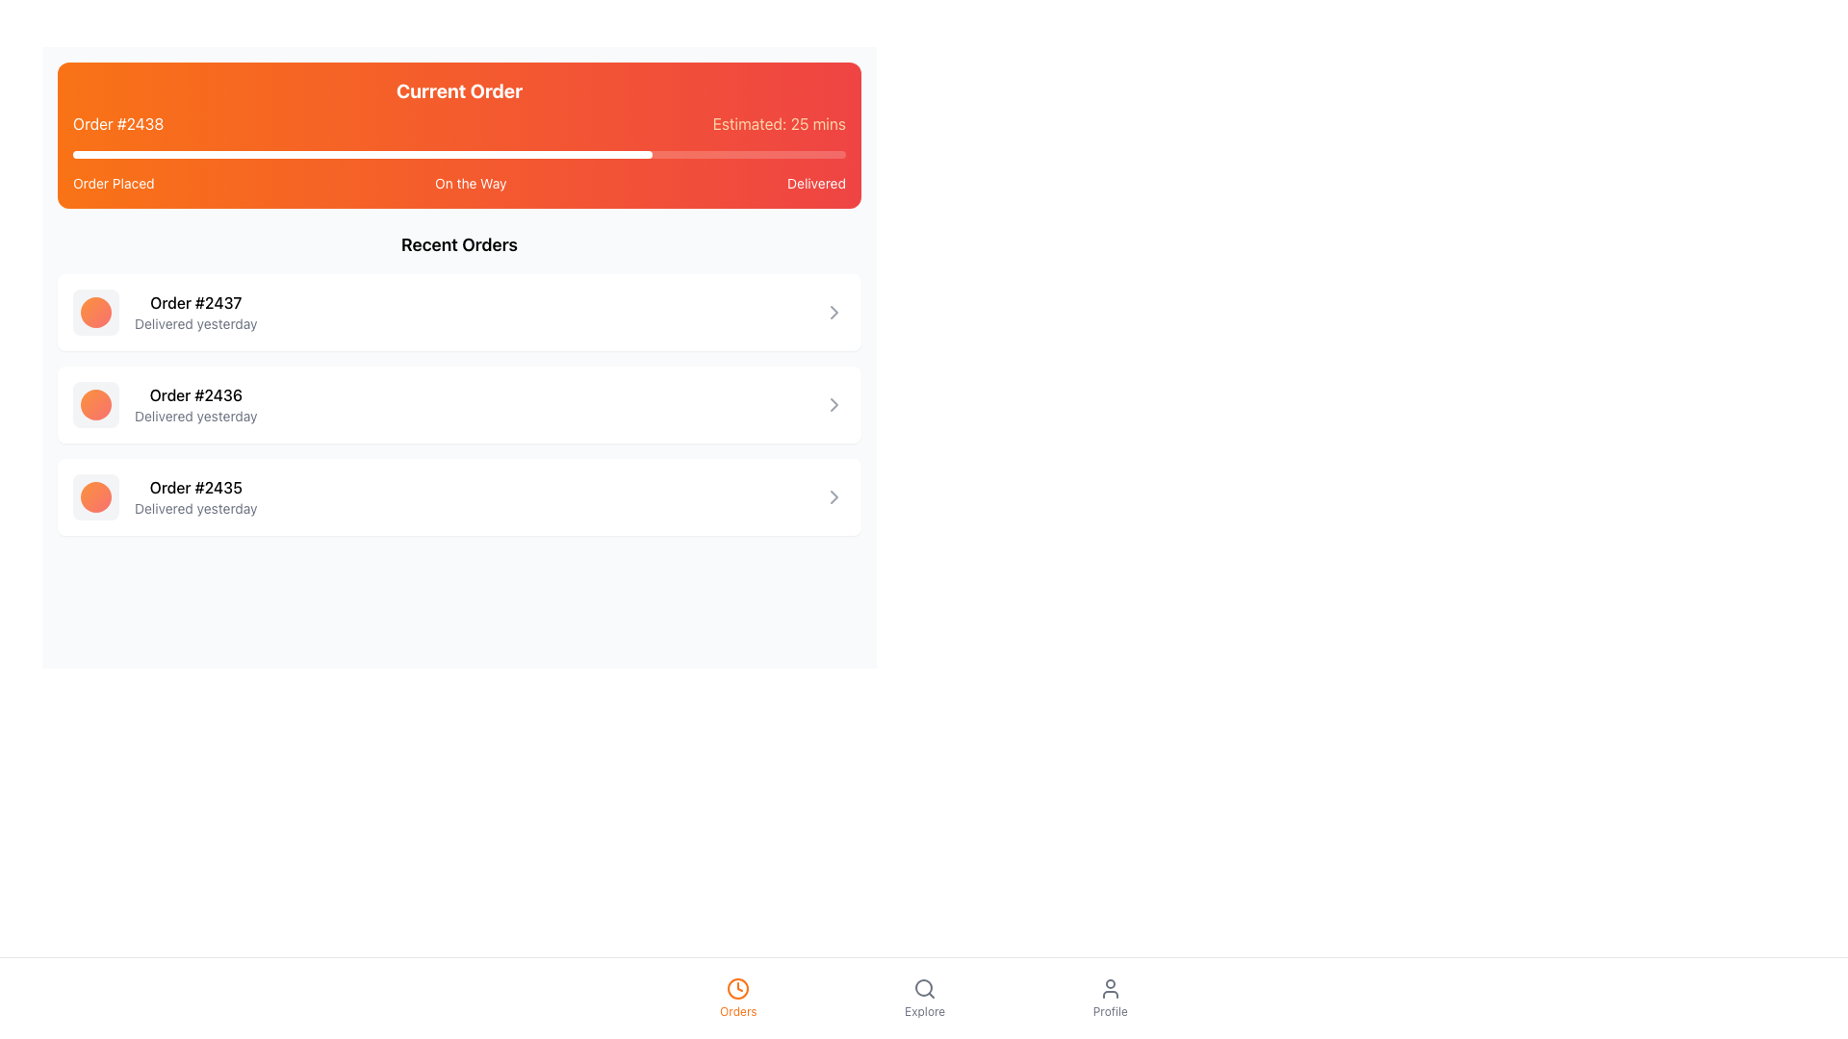 The height and width of the screenshot is (1039, 1848). Describe the element at coordinates (458, 403) in the screenshot. I see `the second clickable card in the 'Recent Orders' list, which displays order information including its identification number and delivery status` at that location.